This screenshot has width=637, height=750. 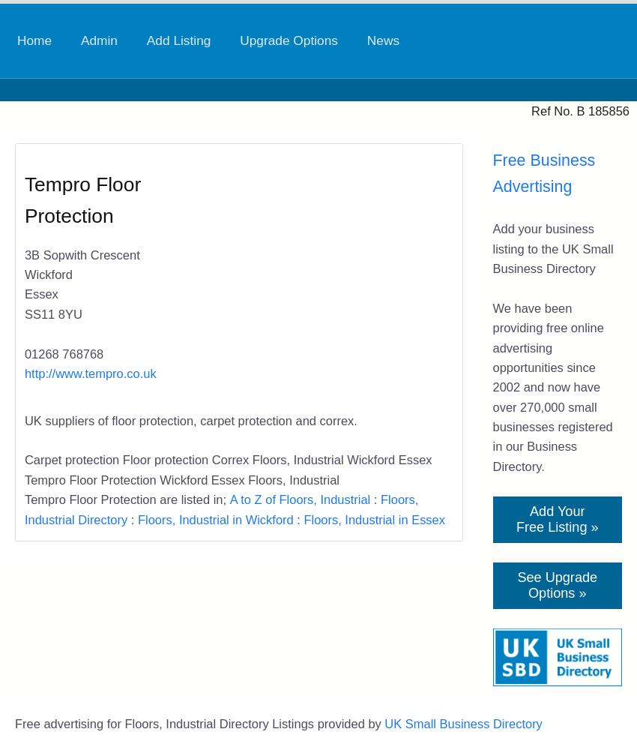 What do you see at coordinates (98, 40) in the screenshot?
I see `'Admin'` at bounding box center [98, 40].